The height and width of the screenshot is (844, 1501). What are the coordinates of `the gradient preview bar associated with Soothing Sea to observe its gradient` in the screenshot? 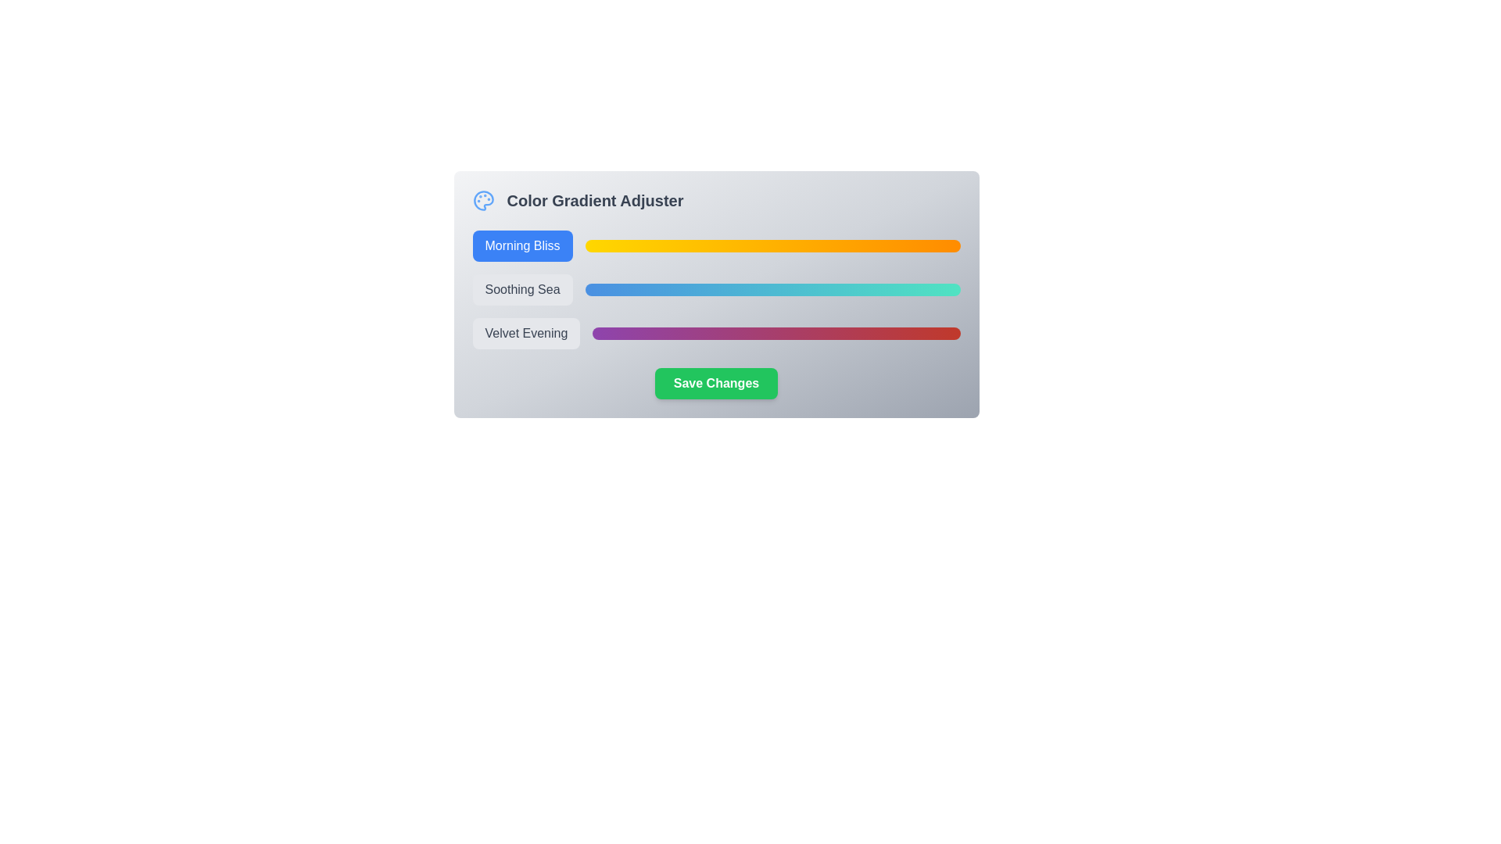 It's located at (772, 289).